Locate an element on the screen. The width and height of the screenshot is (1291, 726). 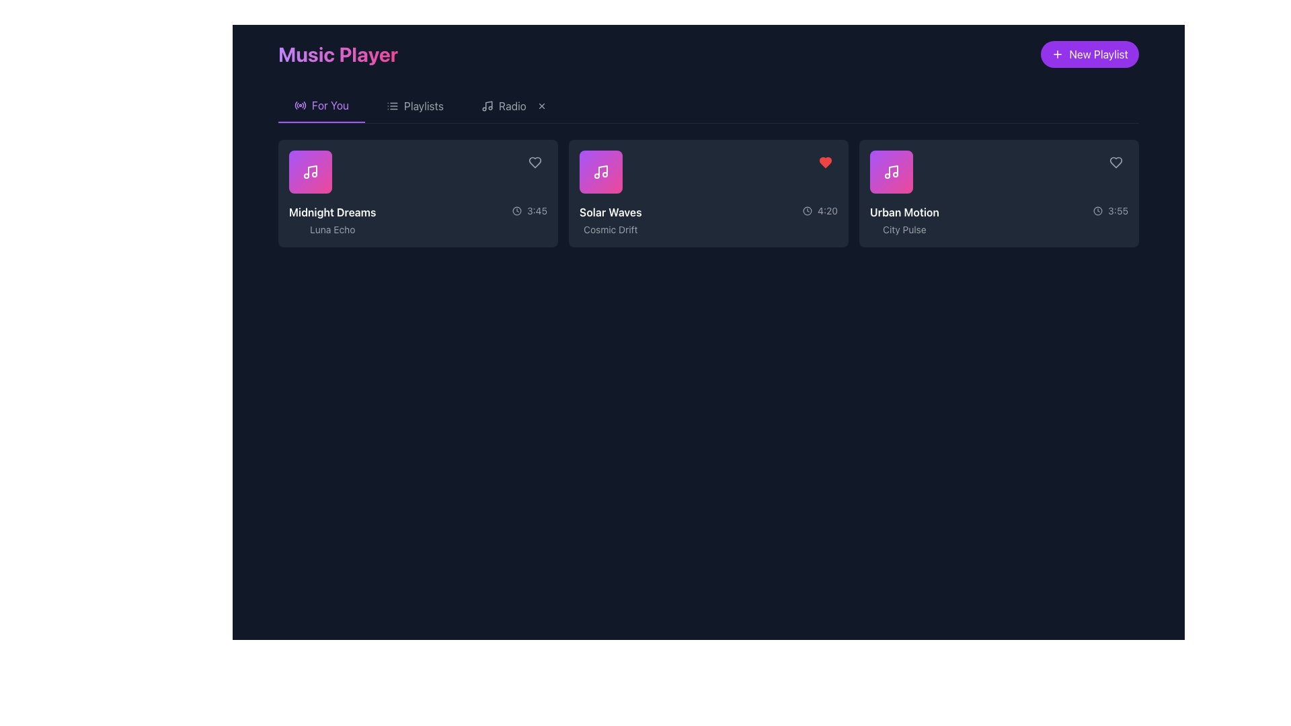
the text and clock icon combination displaying '3:55', located in the bottom-right corner of the 'Urban Motion' card, adjacent to the subtitle 'City Pulse' is located at coordinates (1110, 210).